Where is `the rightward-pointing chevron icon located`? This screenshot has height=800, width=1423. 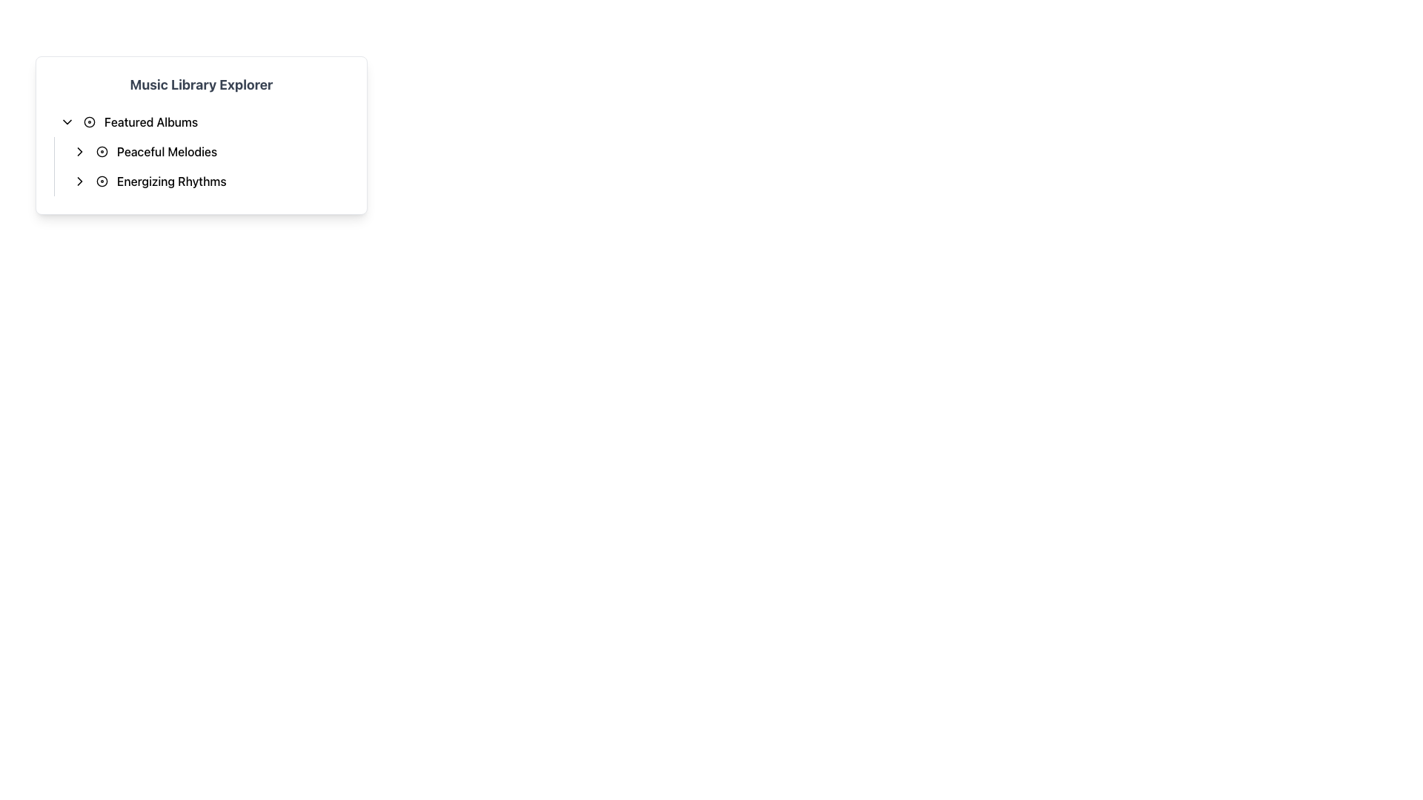 the rightward-pointing chevron icon located is located at coordinates (79, 181).